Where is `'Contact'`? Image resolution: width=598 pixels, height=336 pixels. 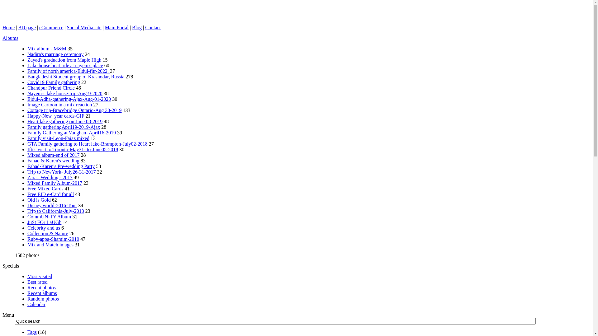
'Contact' is located at coordinates (145, 27).